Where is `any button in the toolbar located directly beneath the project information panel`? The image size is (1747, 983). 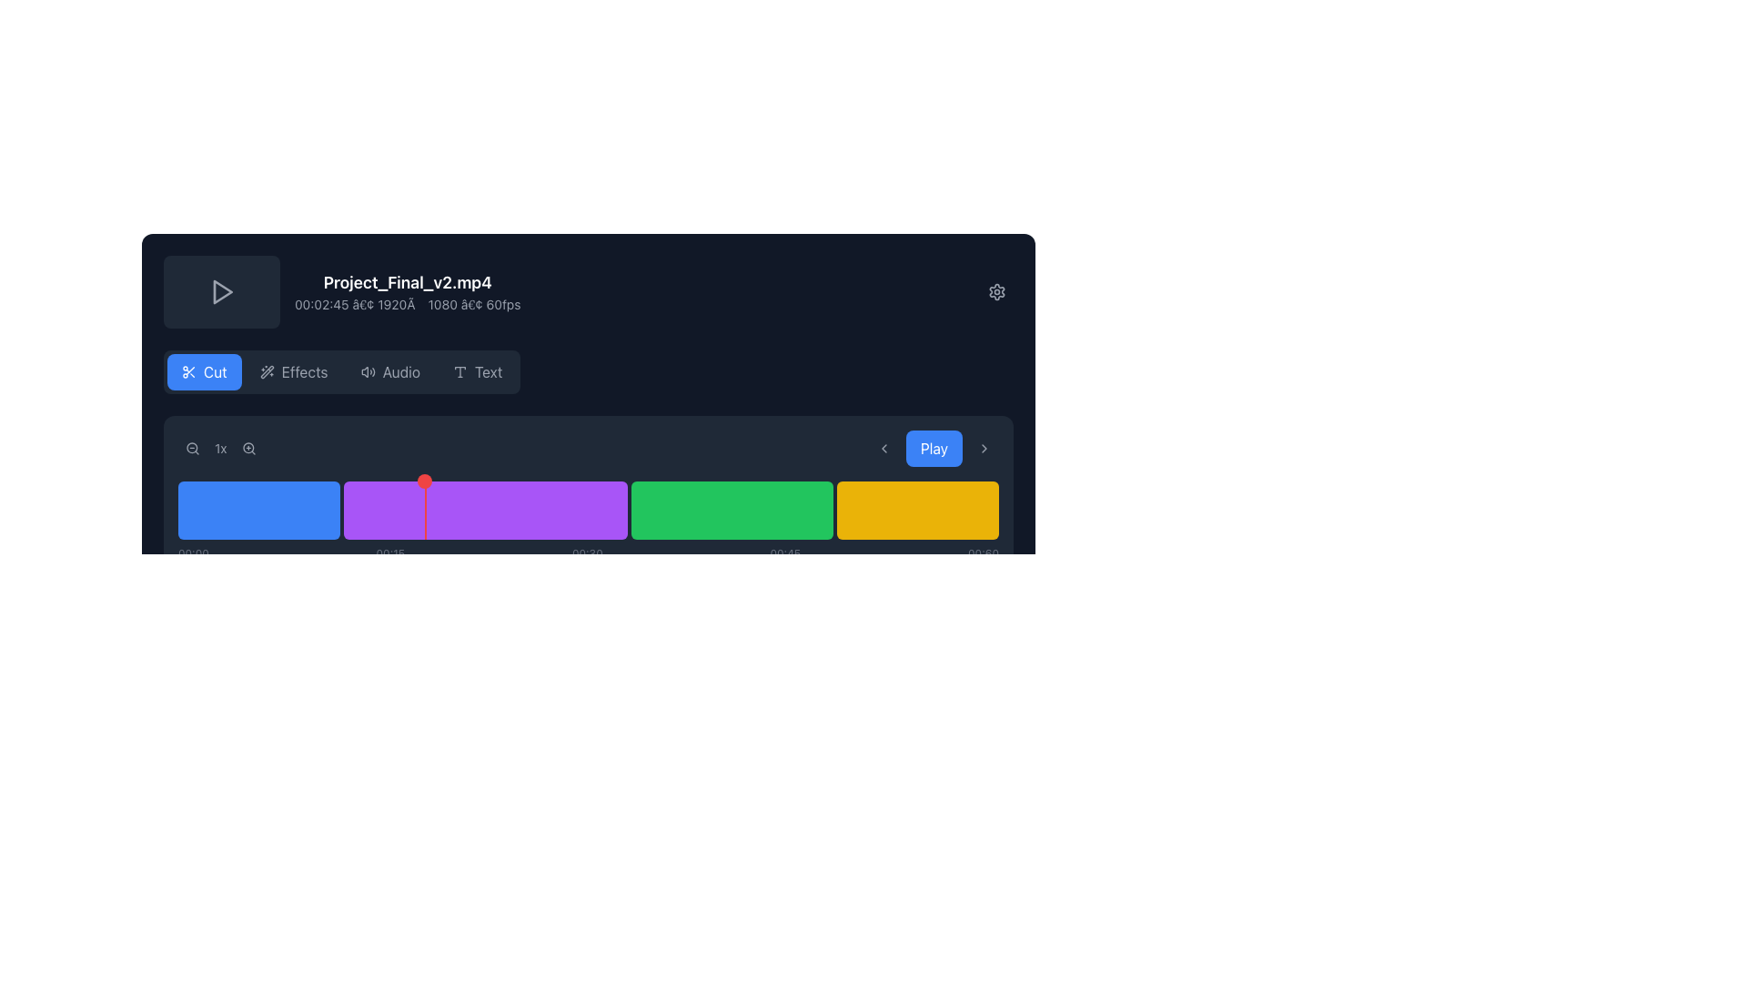
any button in the toolbar located directly beneath the project information panel is located at coordinates (342, 370).